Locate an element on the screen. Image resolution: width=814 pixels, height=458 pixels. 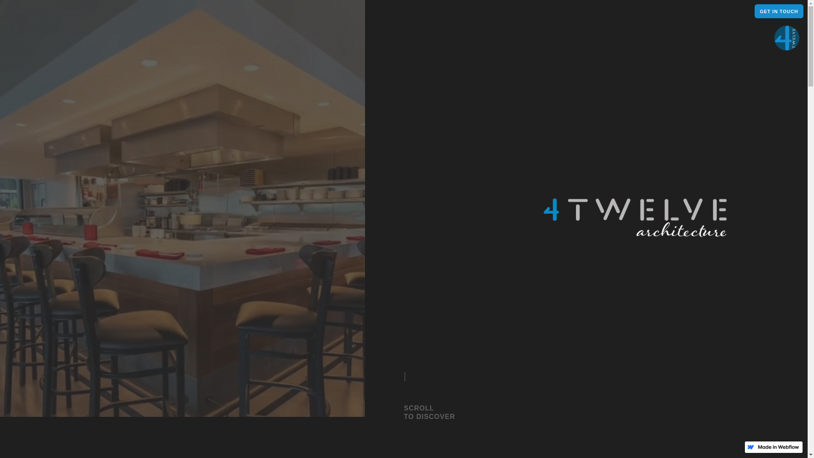
'GET IN TOUCH' is located at coordinates (755, 11).